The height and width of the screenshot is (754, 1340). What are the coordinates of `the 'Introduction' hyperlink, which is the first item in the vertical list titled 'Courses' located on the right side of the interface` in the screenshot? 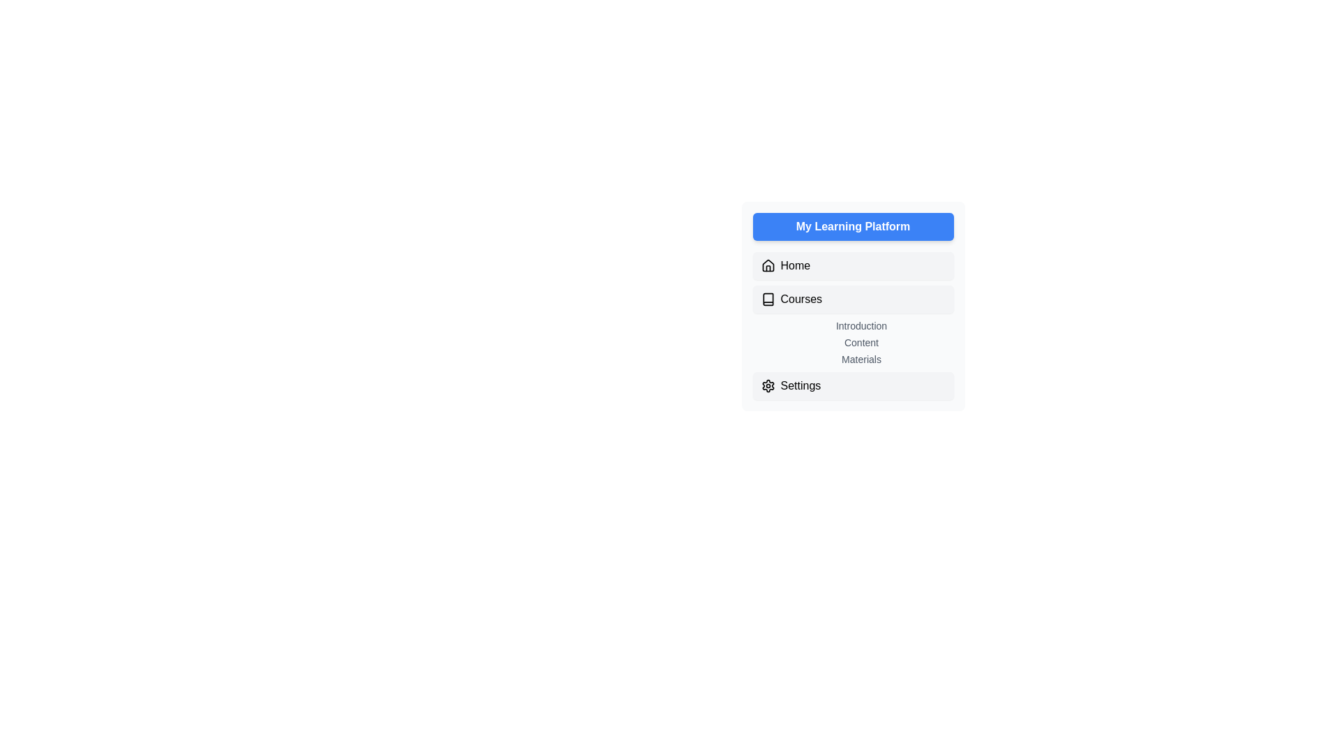 It's located at (861, 325).